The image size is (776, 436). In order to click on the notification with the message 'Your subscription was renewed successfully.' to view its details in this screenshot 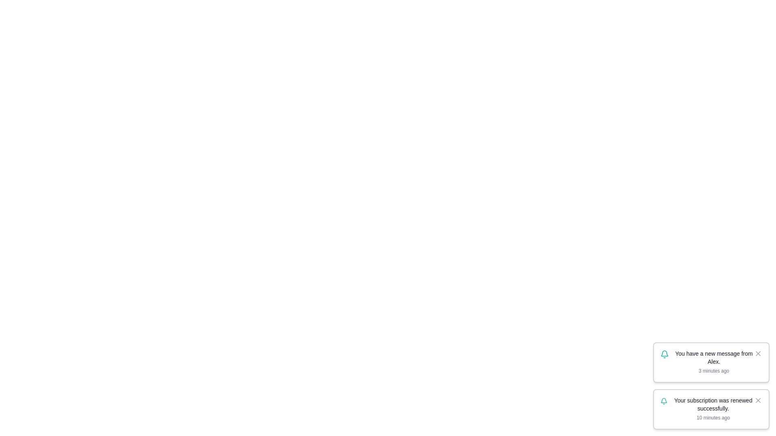, I will do `click(711, 409)`.